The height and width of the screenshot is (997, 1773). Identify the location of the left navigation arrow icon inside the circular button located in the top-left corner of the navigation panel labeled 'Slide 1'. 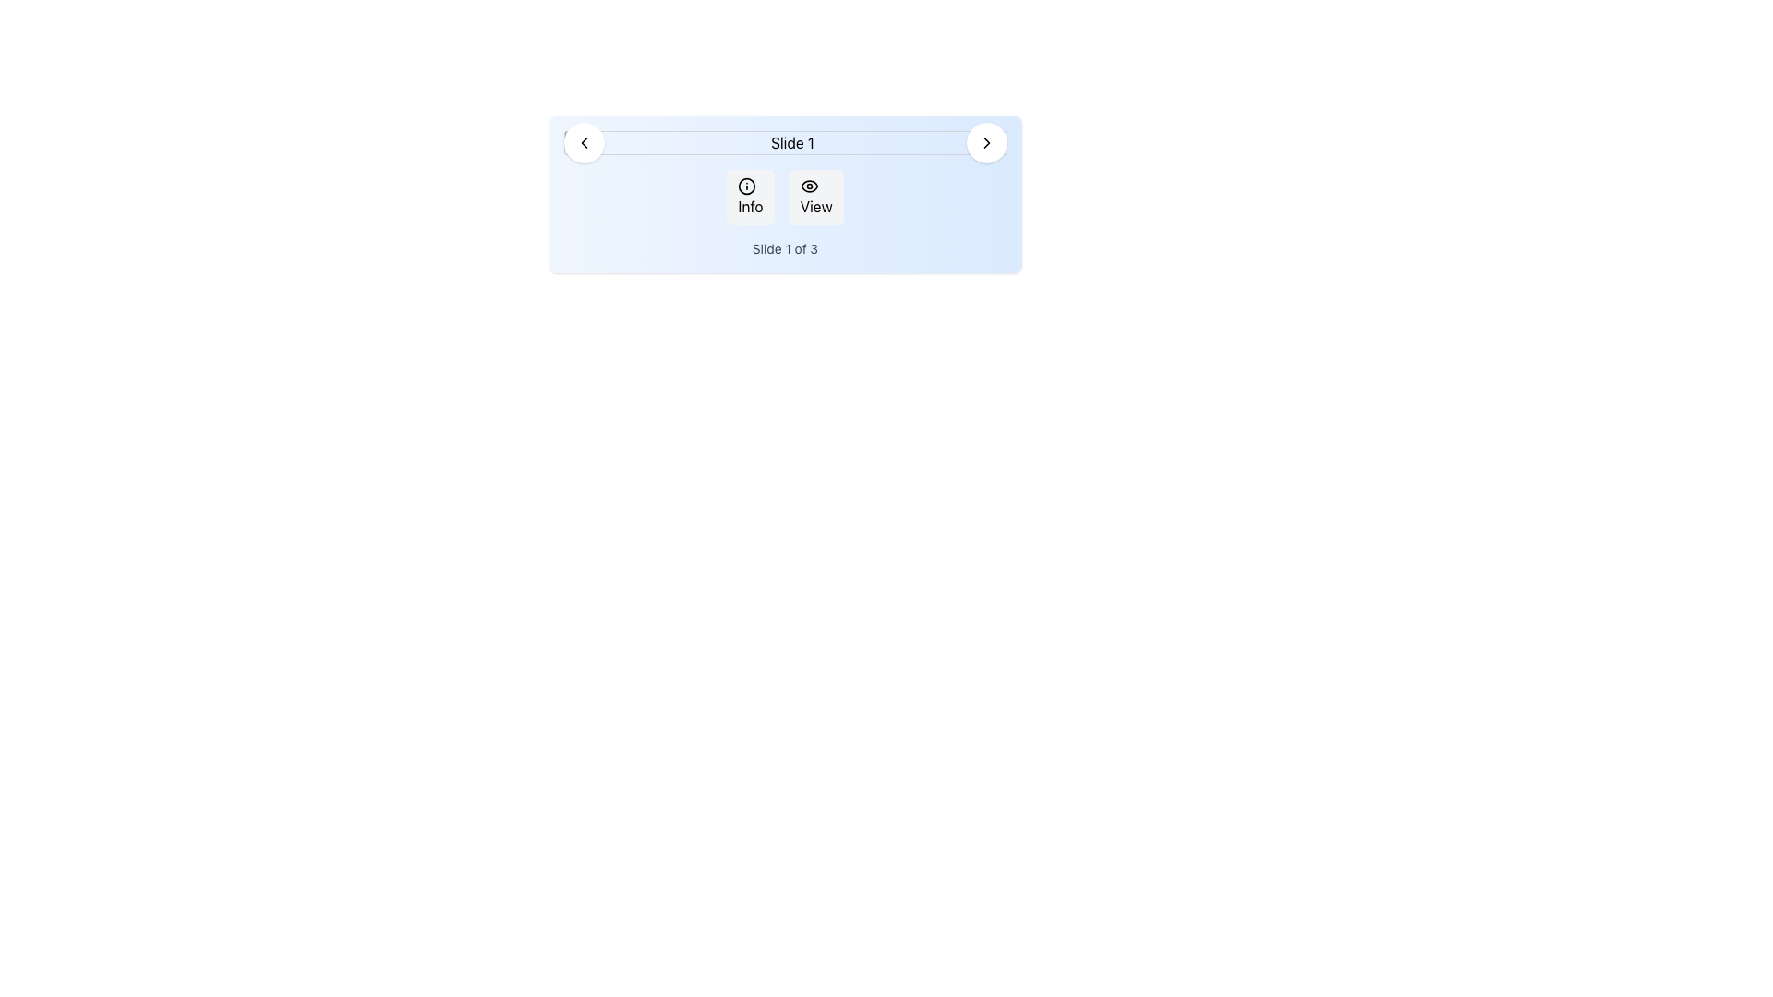
(583, 141).